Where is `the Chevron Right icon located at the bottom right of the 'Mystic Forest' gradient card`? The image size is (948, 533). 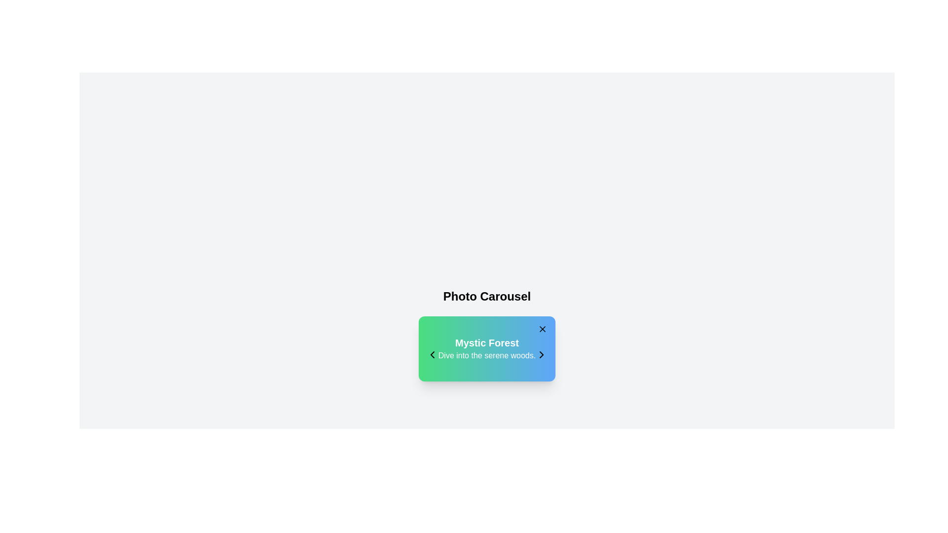
the Chevron Right icon located at the bottom right of the 'Mystic Forest' gradient card is located at coordinates (541, 354).